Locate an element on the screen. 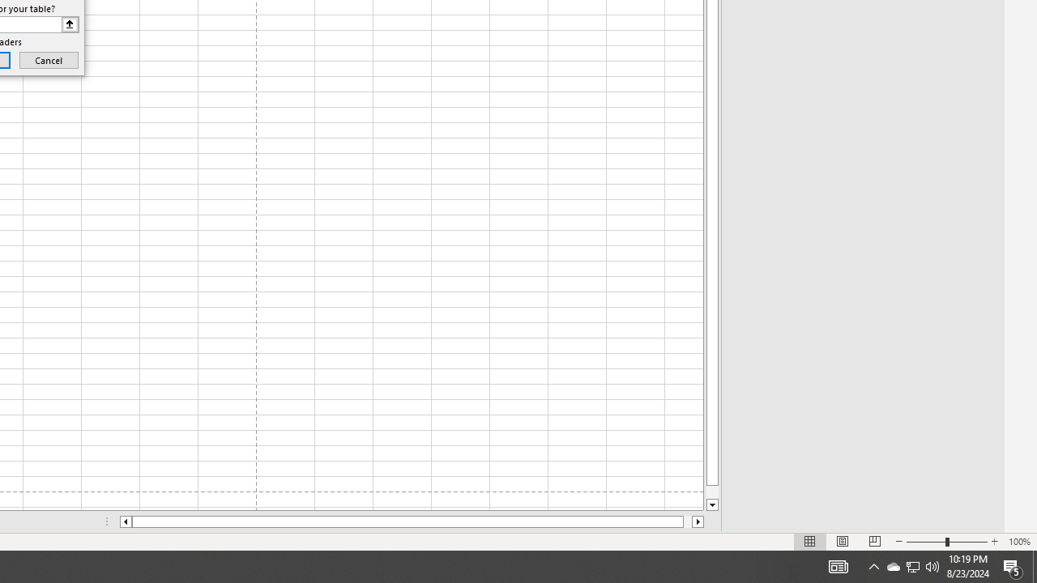  'Column left' is located at coordinates (124, 521).